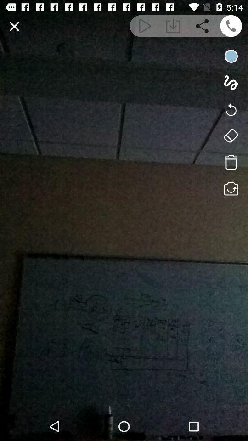 The width and height of the screenshot is (248, 441). Describe the element at coordinates (14, 26) in the screenshot. I see `exit view mode` at that location.